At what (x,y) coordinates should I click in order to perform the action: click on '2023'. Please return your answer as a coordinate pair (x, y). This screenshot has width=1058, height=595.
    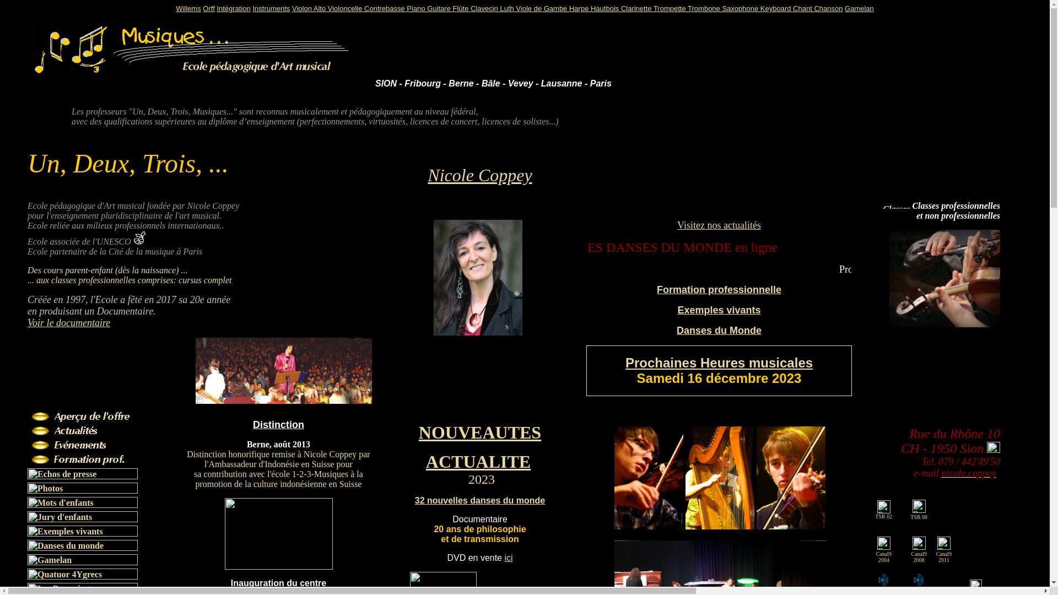
    Looking at the image, I should click on (468, 480).